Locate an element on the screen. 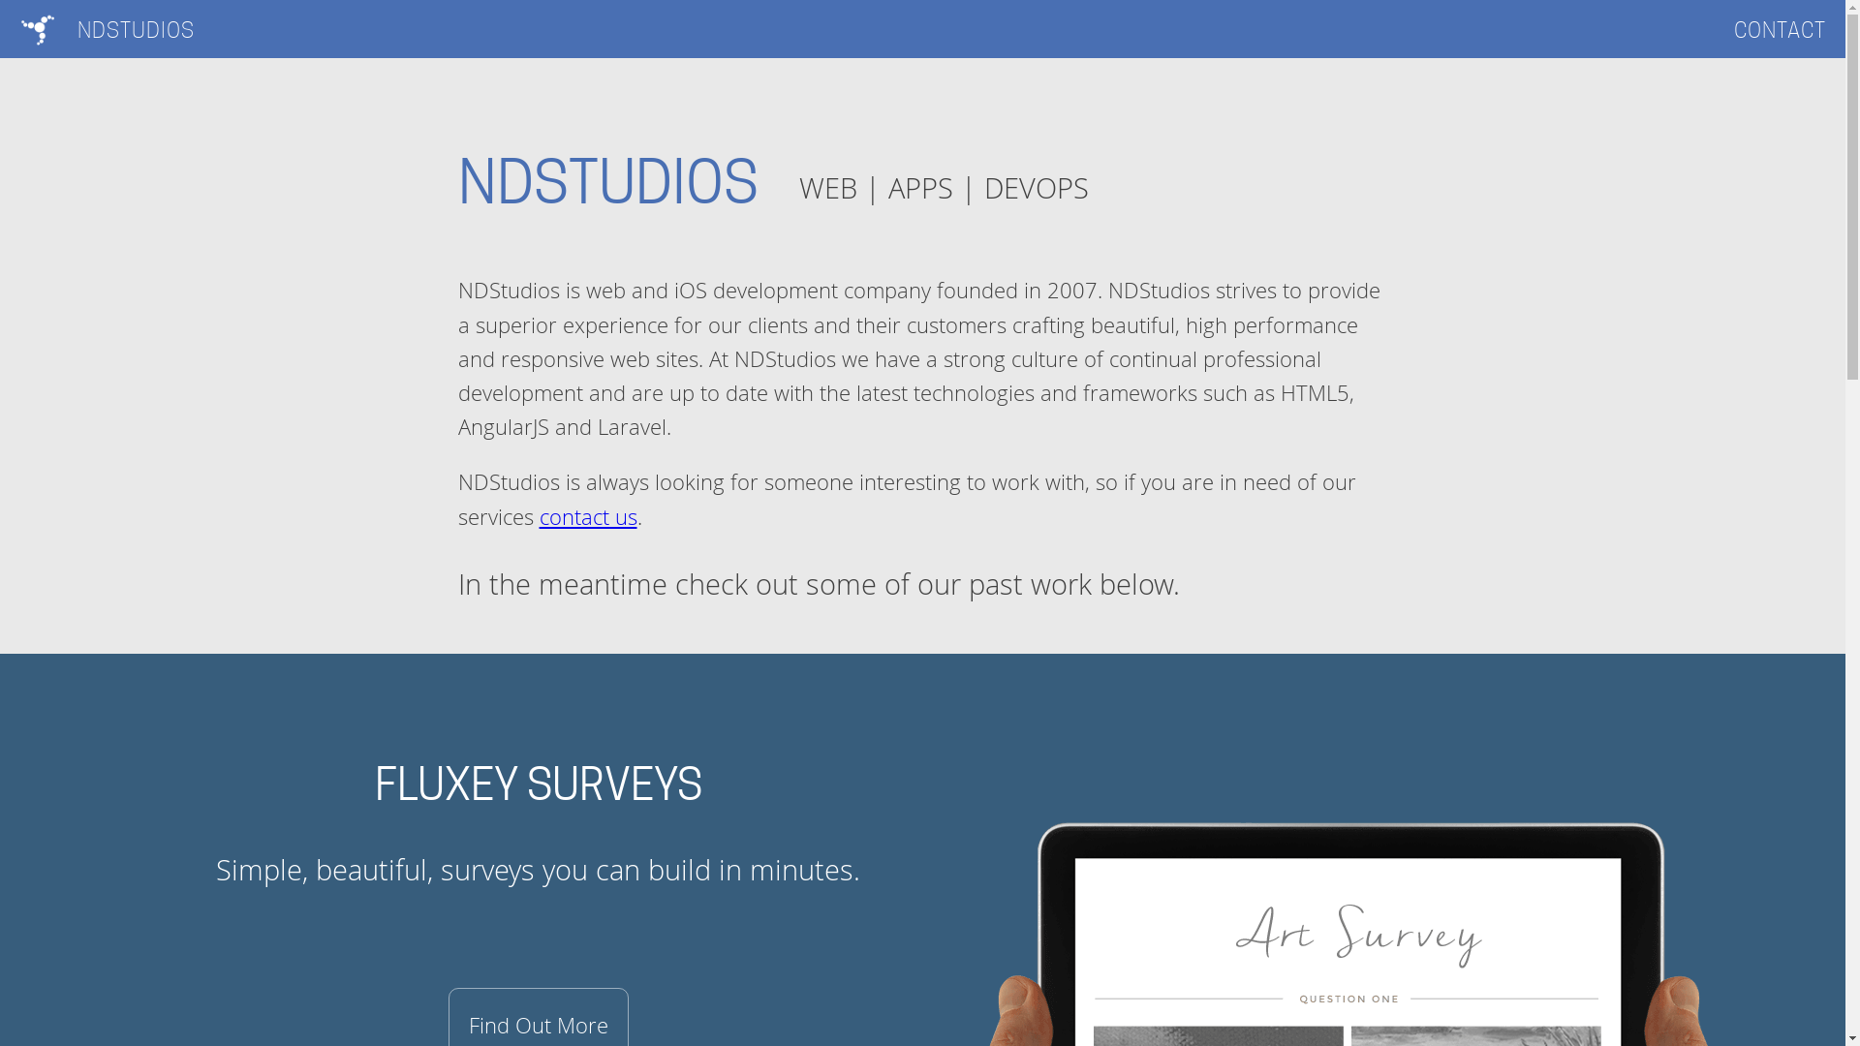 The width and height of the screenshot is (1860, 1046). 'contact us' is located at coordinates (586, 515).